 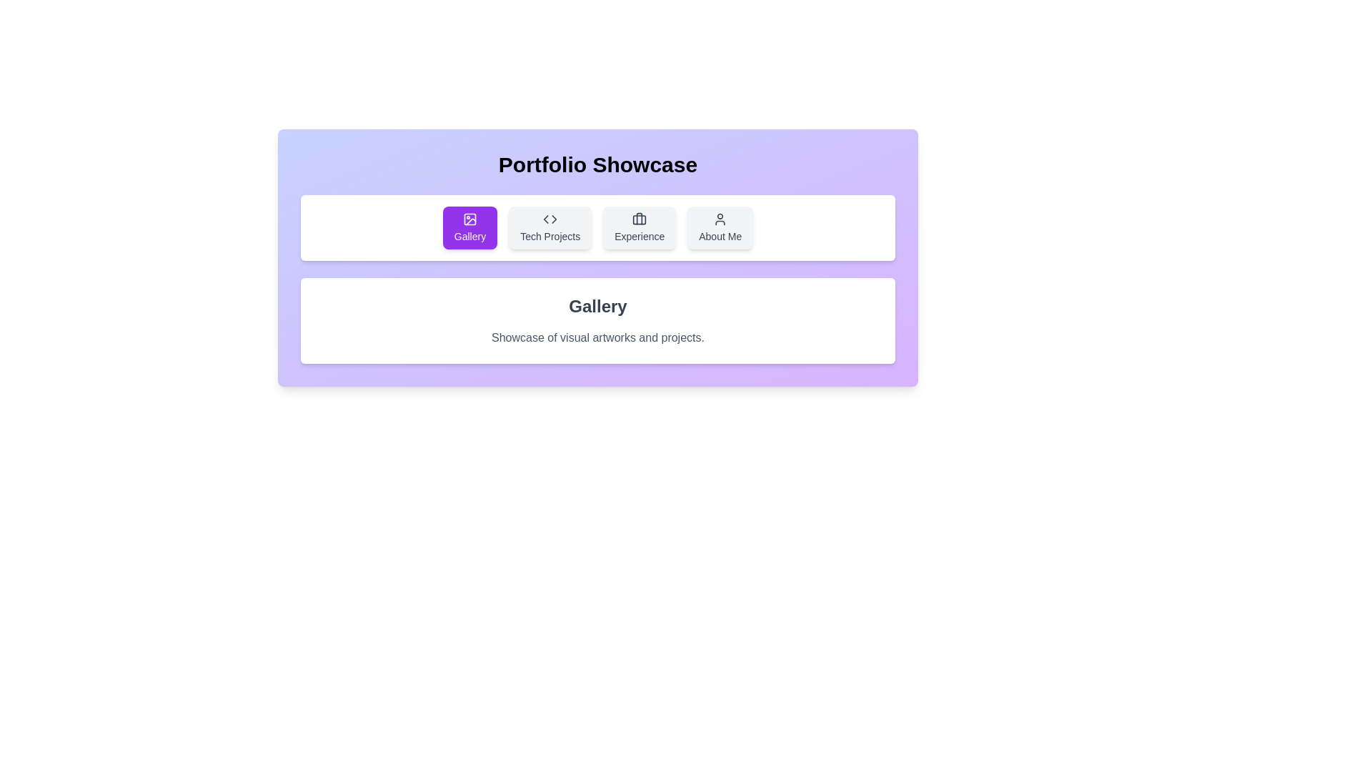 I want to click on the tab labeled 'Gallery', so click(x=469, y=227).